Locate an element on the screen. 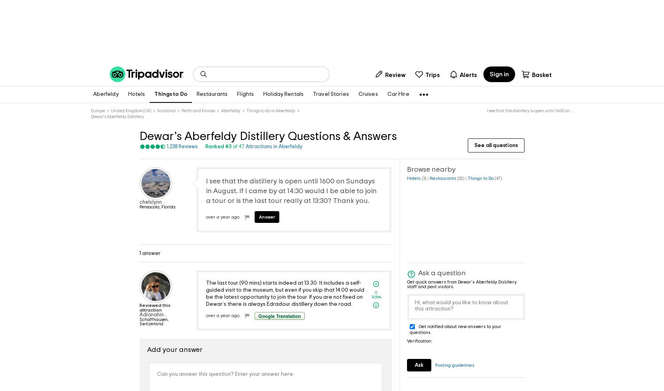 The height and width of the screenshot is (391, 664). '1 answer' is located at coordinates (150, 253).